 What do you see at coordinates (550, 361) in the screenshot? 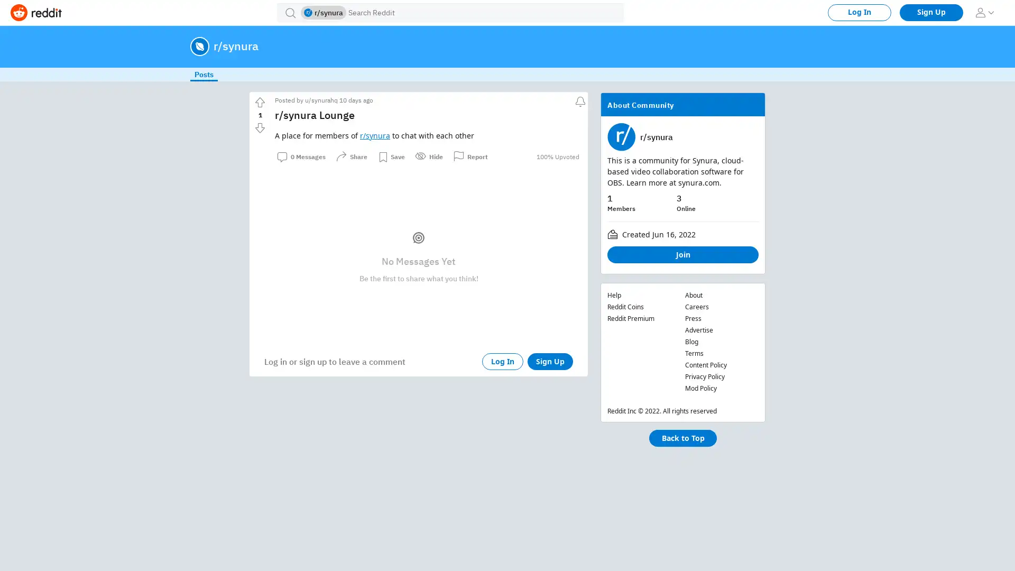
I see `Sign Up` at bounding box center [550, 361].